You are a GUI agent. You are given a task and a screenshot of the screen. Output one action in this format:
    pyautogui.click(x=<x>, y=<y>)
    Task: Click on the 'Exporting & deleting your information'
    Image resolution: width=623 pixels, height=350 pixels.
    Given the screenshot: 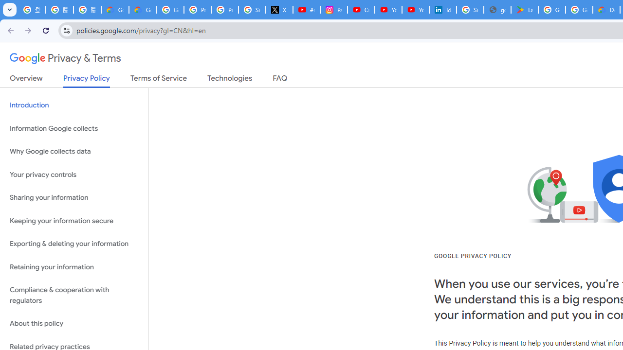 What is the action you would take?
    pyautogui.click(x=73, y=244)
    